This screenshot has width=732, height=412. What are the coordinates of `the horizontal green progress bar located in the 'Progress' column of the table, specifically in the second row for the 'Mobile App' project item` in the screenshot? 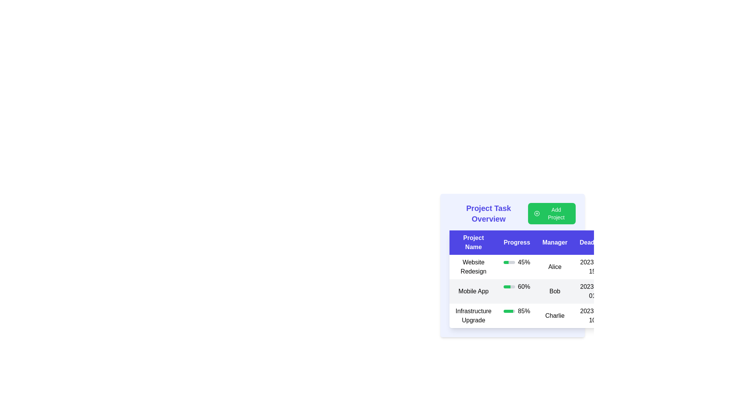 It's located at (507, 287).